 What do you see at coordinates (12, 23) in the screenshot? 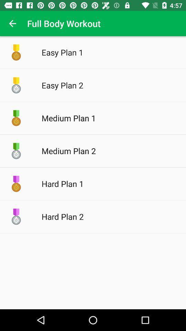
I see `item to the left of the full body workout app` at bounding box center [12, 23].